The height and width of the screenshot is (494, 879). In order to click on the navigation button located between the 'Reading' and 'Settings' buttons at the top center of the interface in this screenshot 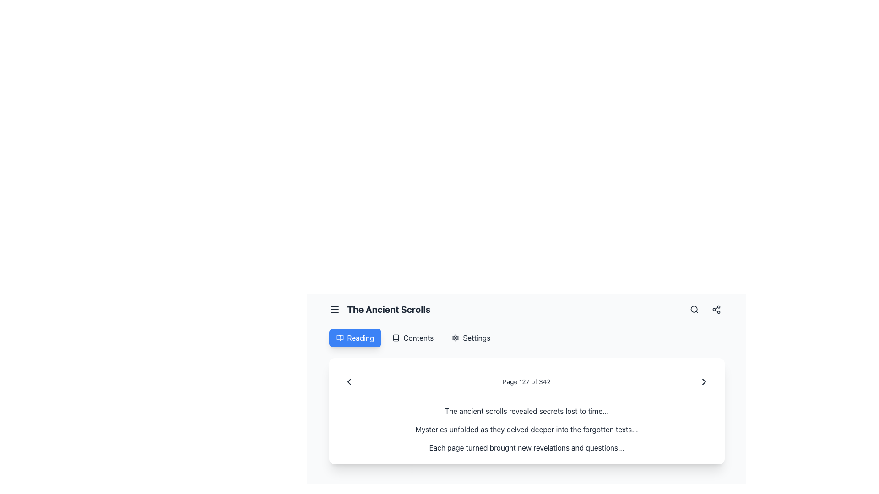, I will do `click(412, 338)`.